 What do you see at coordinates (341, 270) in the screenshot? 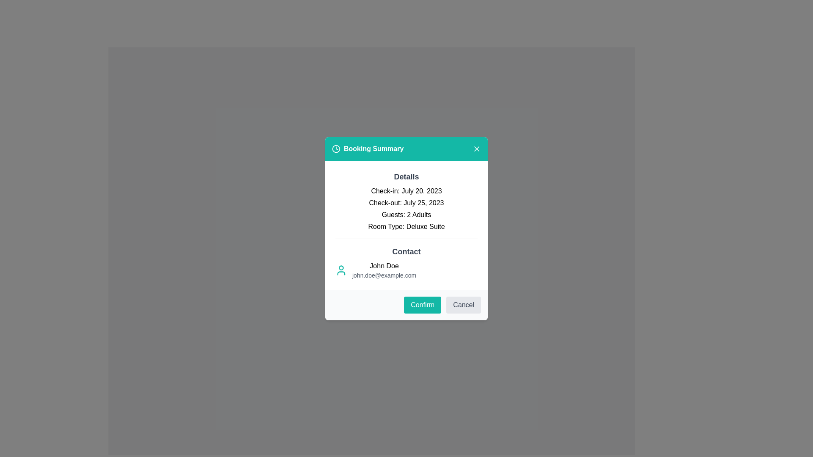
I see `the user profile icon located in the 'Contact' section of the modal interface, which is positioned to the left of the user name 'John Doe' and email 'john.doe@example.com'` at bounding box center [341, 270].